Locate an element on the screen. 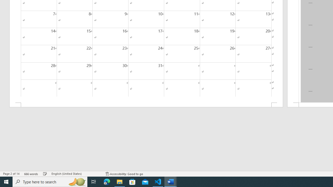 This screenshot has width=333, height=187. 'Accessibility Checker Accessibility: Good to go' is located at coordinates (124, 174).